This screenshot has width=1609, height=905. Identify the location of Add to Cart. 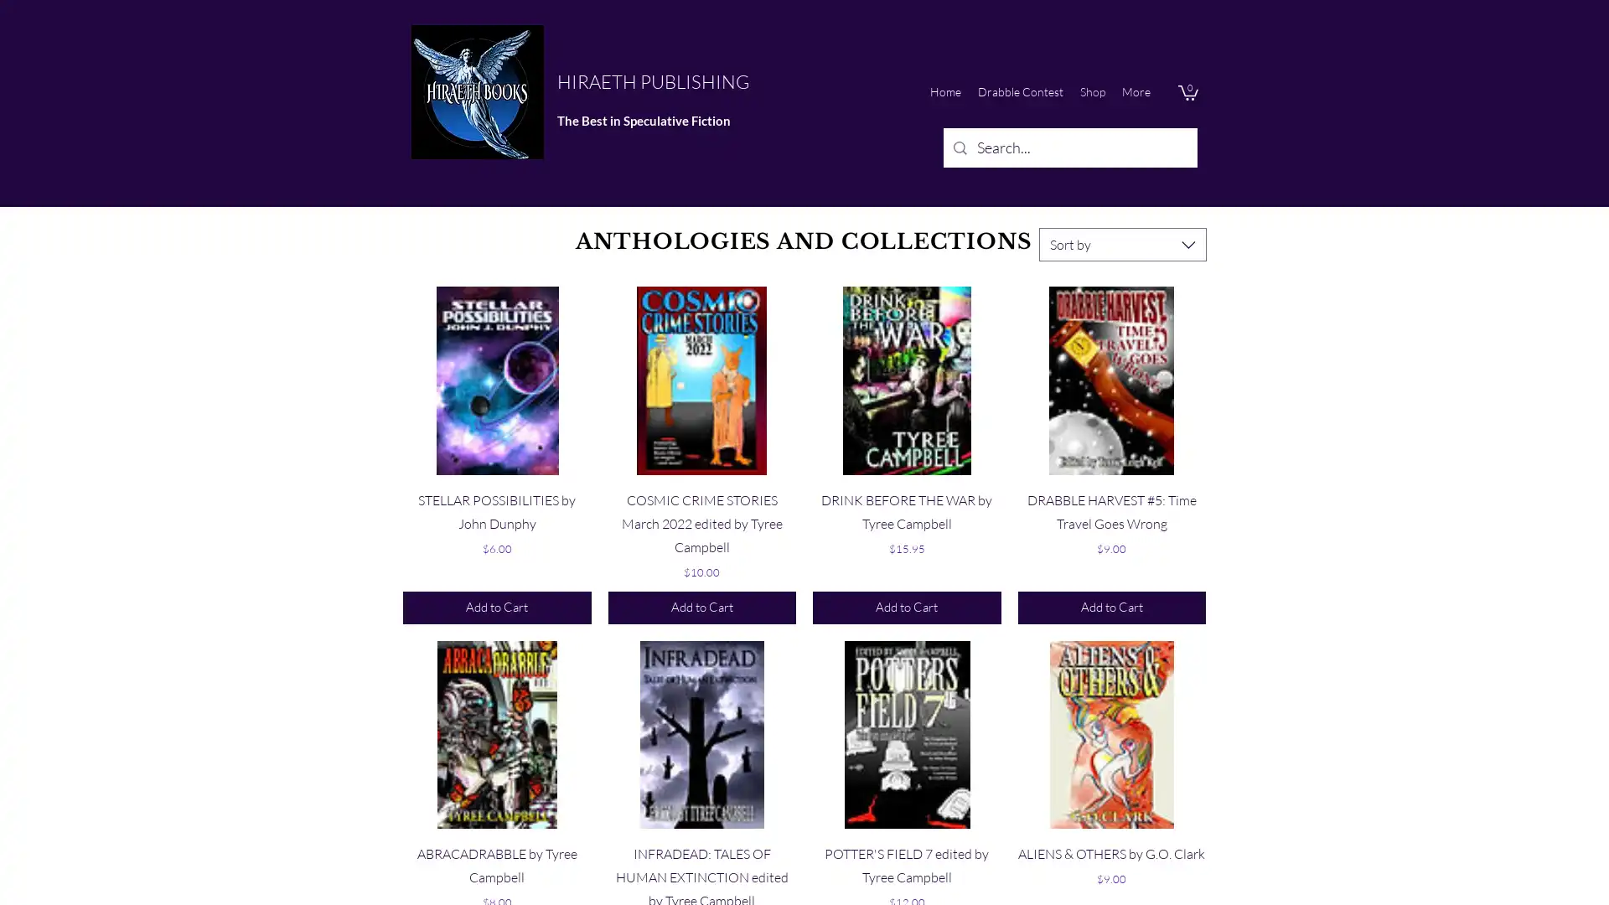
(701, 608).